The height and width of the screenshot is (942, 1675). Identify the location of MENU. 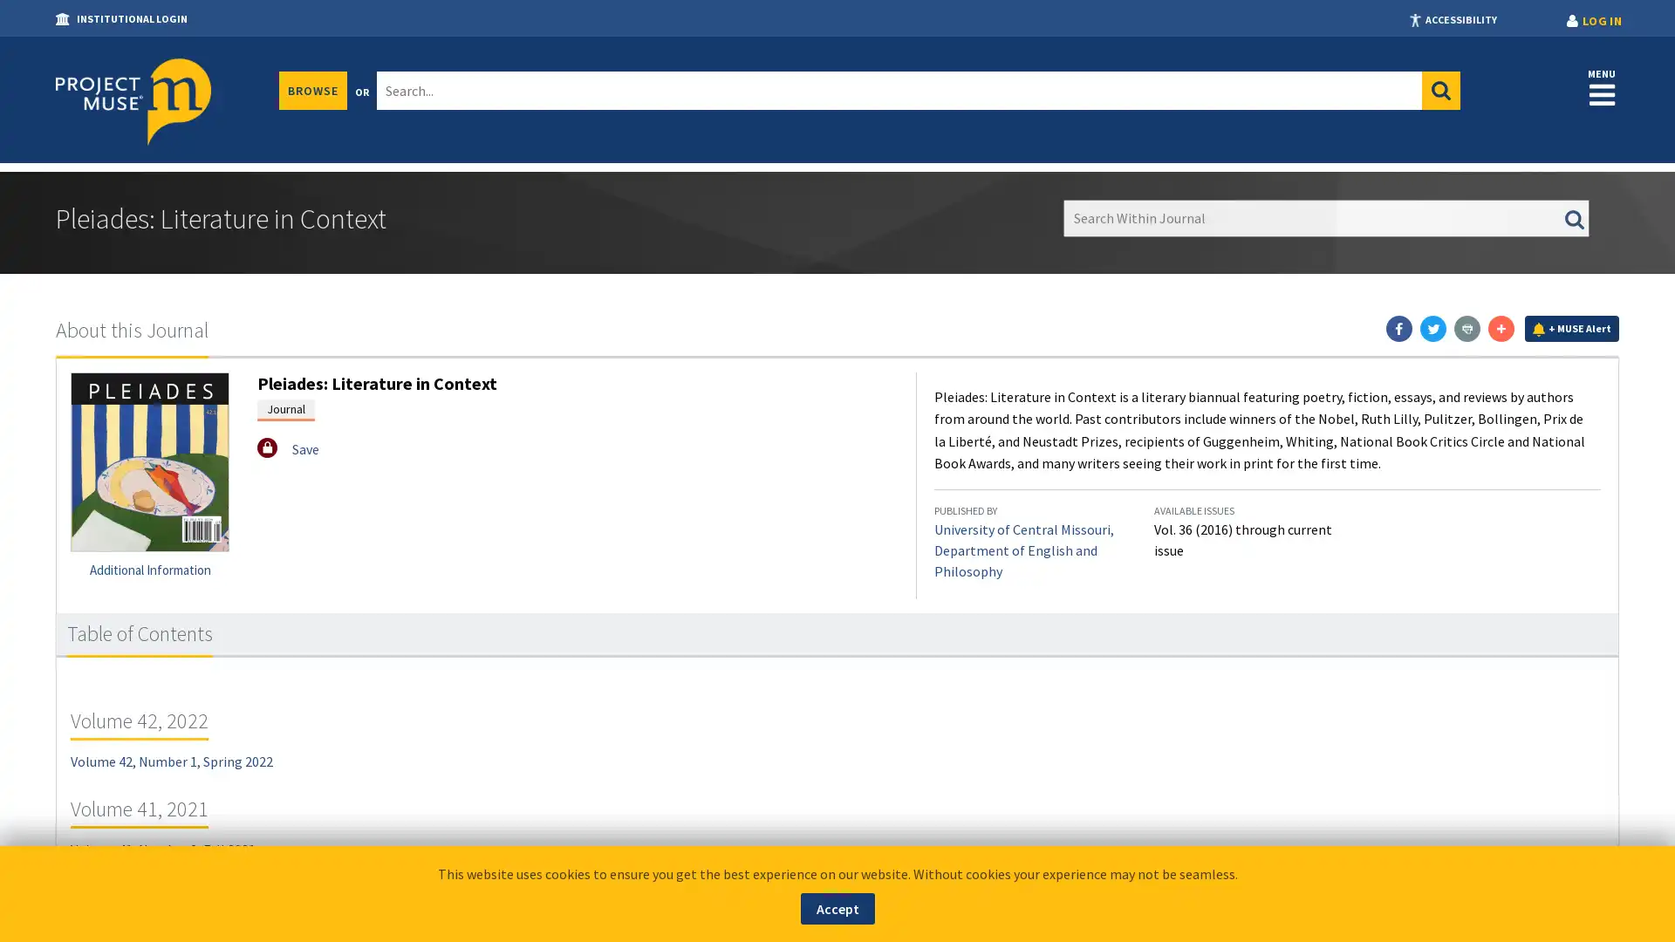
(1602, 86).